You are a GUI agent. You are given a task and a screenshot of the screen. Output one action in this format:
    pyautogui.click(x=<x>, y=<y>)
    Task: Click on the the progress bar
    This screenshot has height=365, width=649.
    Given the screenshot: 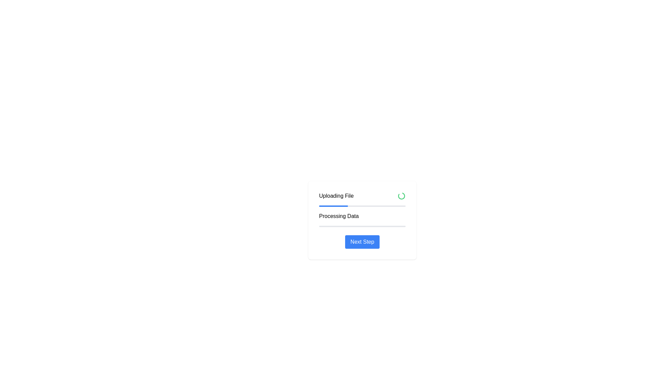 What is the action you would take?
    pyautogui.click(x=323, y=205)
    